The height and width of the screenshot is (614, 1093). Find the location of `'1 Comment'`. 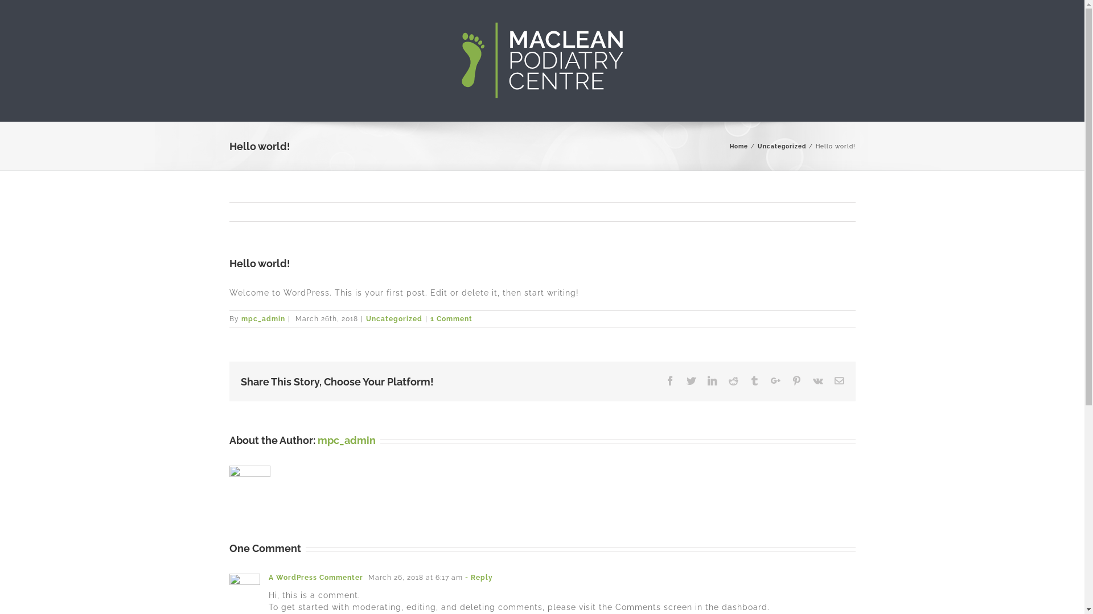

'1 Comment' is located at coordinates (429, 318).